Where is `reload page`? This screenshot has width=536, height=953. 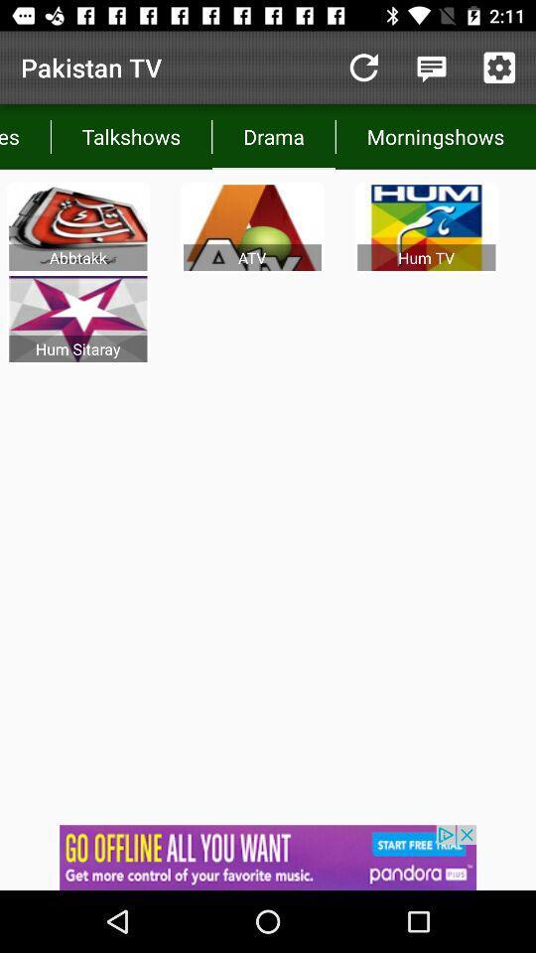 reload page is located at coordinates (362, 68).